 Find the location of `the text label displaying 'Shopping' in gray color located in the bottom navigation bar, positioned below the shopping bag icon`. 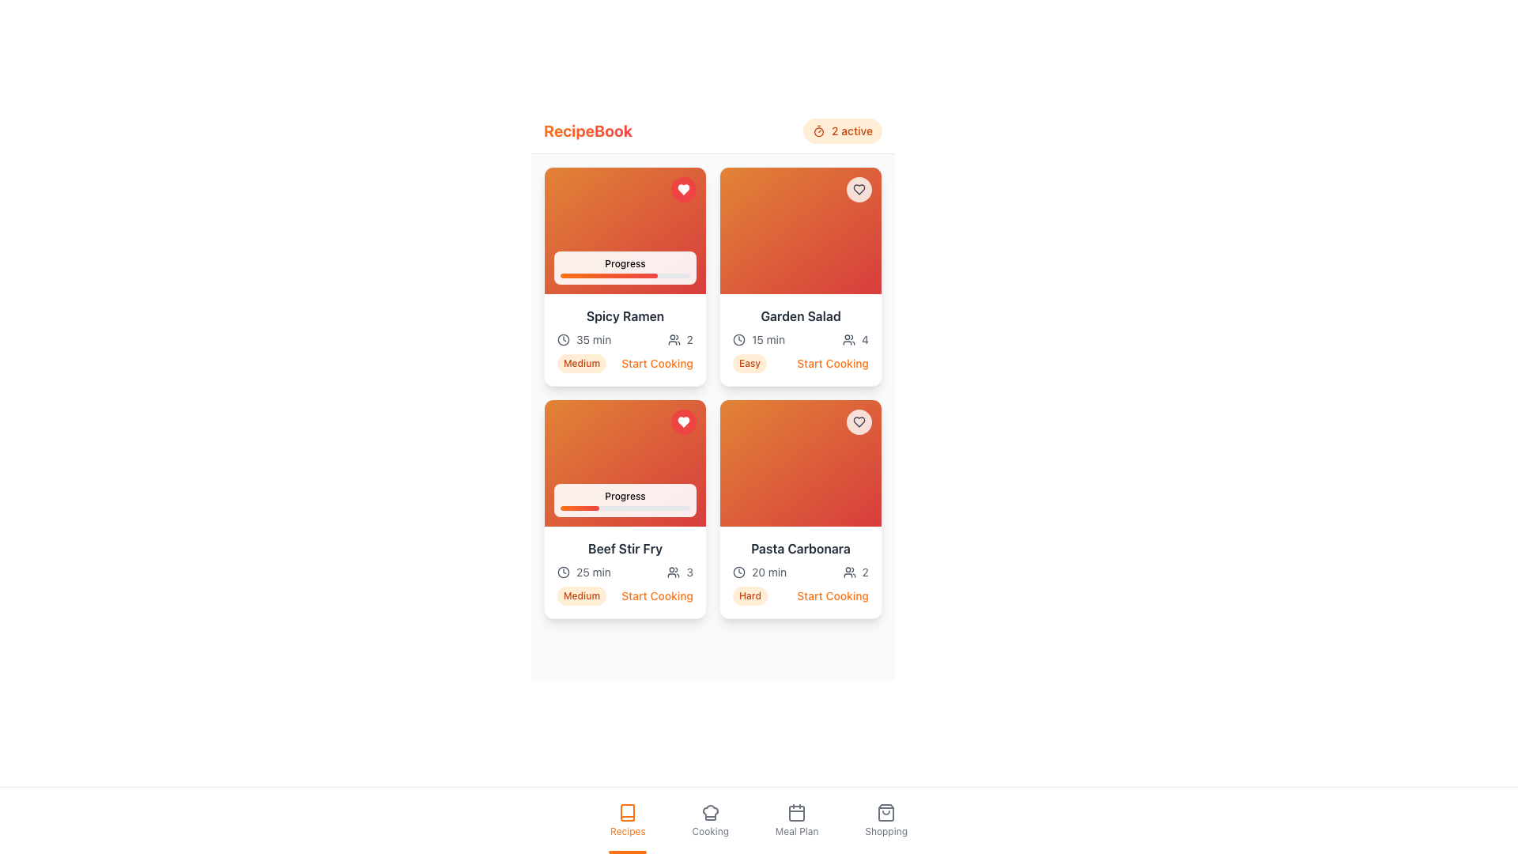

the text label displaying 'Shopping' in gray color located in the bottom navigation bar, positioned below the shopping bag icon is located at coordinates (886, 831).